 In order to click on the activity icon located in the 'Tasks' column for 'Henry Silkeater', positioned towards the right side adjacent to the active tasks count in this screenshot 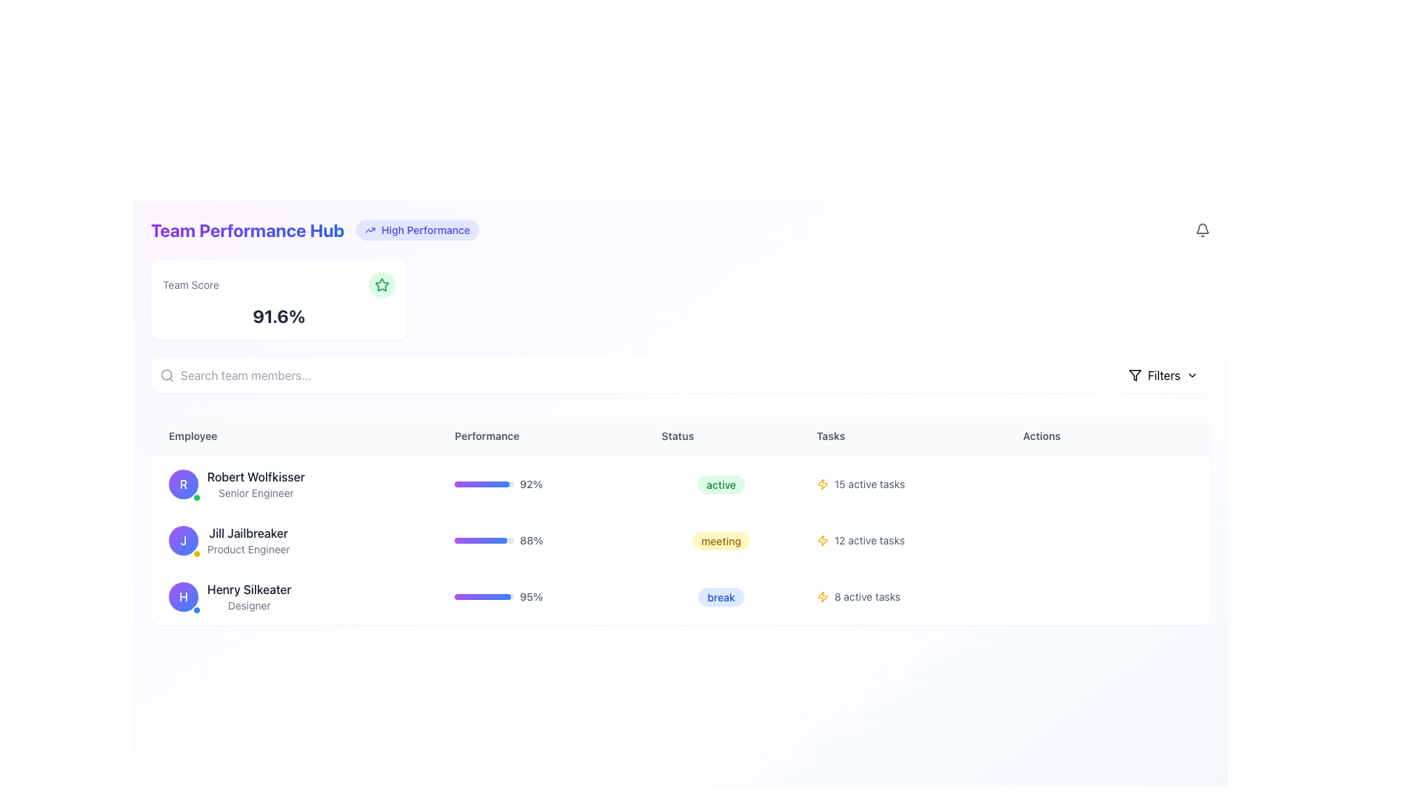, I will do `click(821, 484)`.